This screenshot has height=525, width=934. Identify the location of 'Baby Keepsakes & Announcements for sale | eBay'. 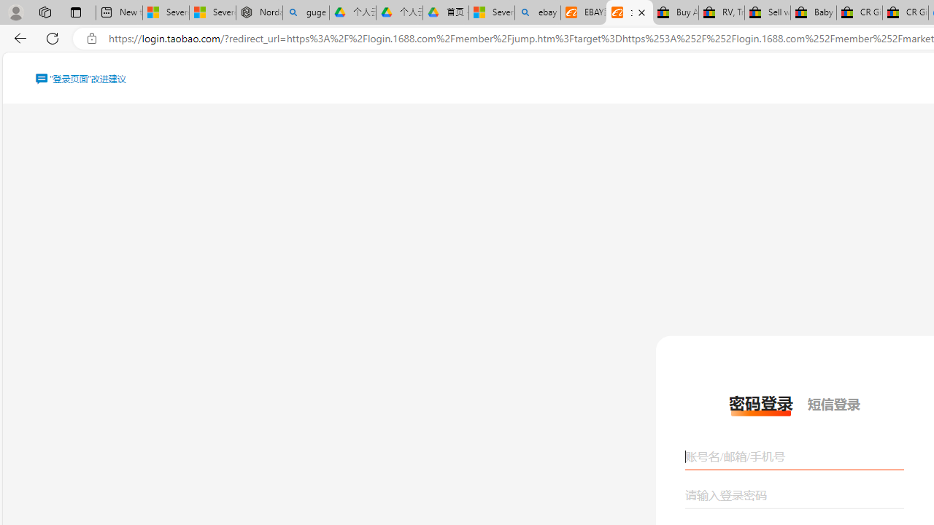
(812, 12).